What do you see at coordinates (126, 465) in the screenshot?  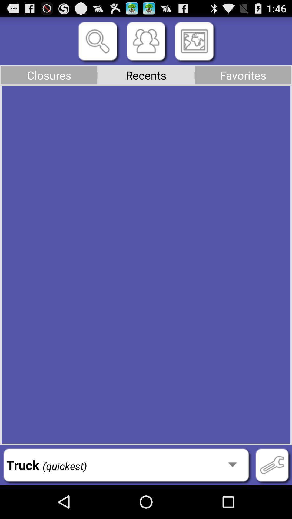 I see `truck (quickest) item` at bounding box center [126, 465].